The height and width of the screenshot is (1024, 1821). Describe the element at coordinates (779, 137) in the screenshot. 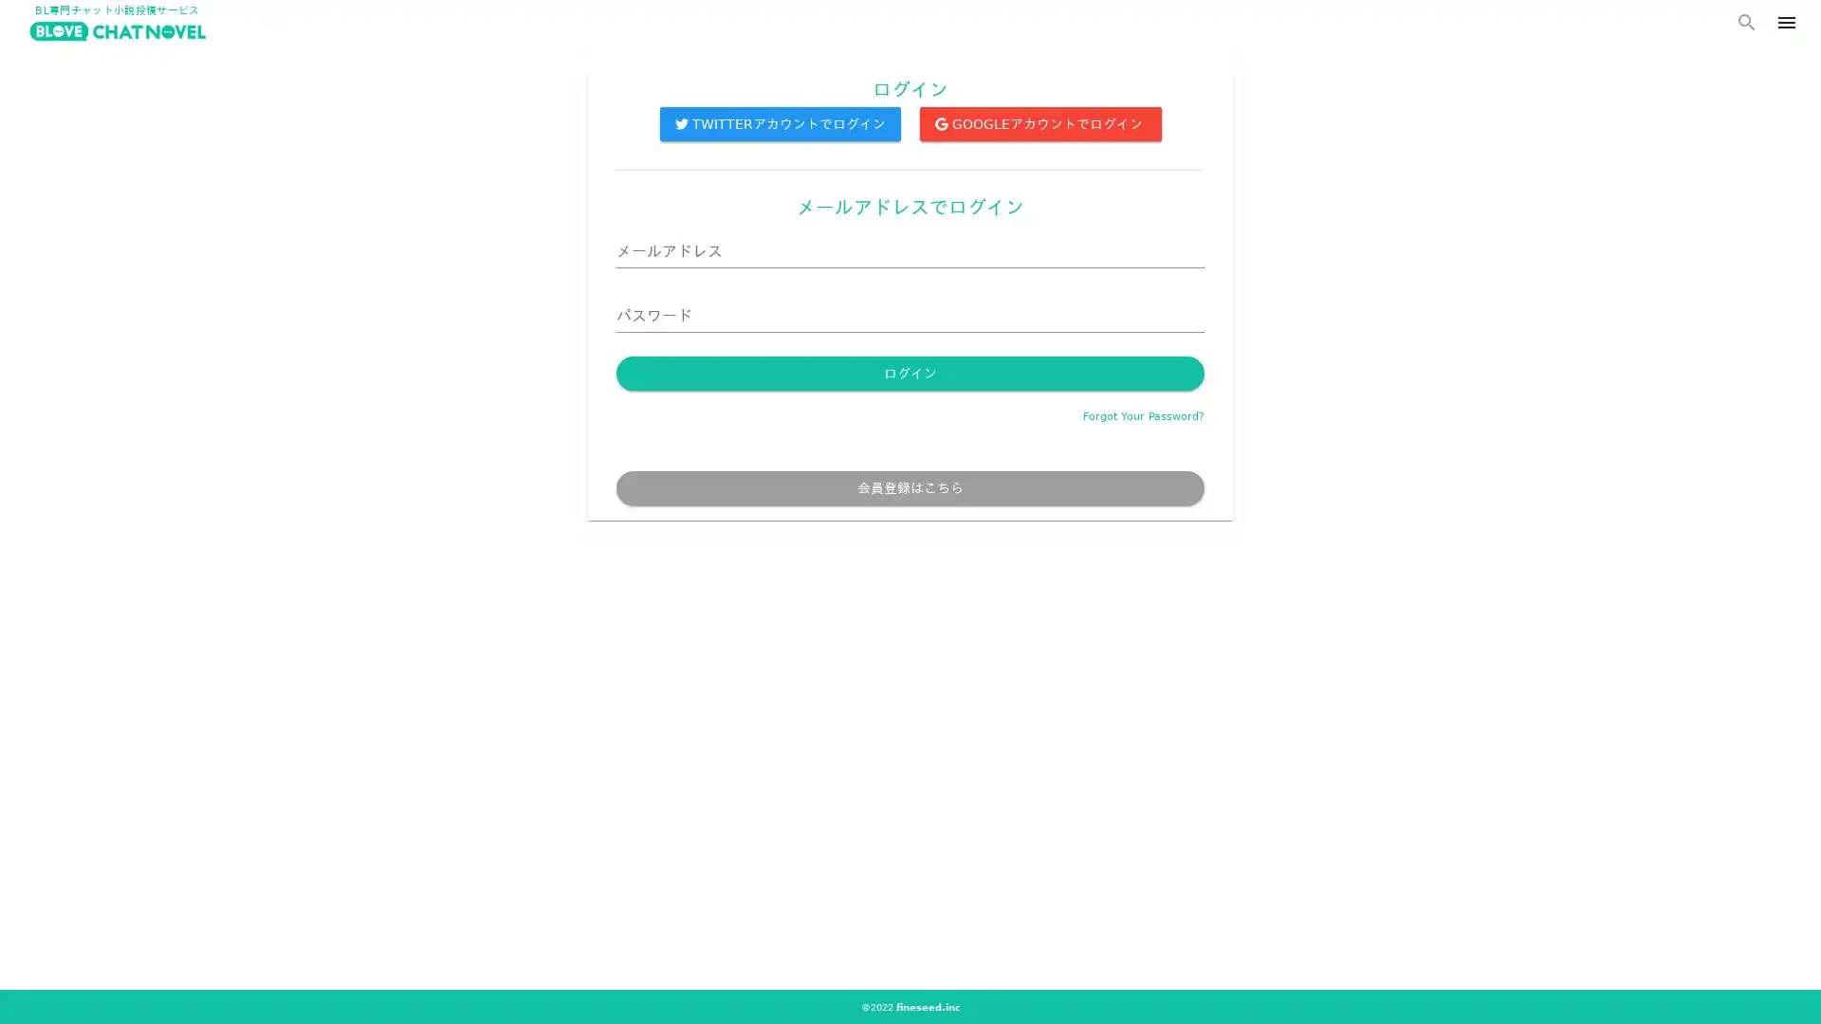

I see `TWITTER` at that location.